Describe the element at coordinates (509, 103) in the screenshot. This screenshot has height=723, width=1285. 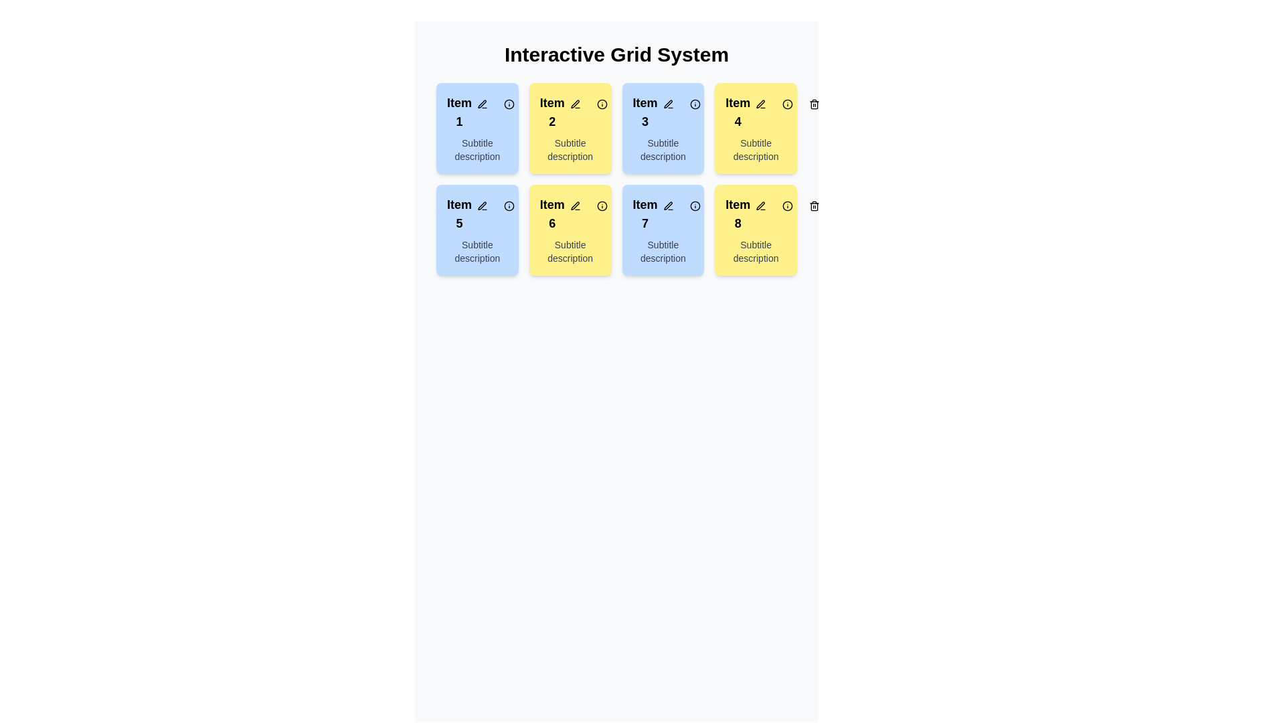
I see `the circular part of the information icon within the top-left card labeled 'Item 1' with a light blue background` at that location.